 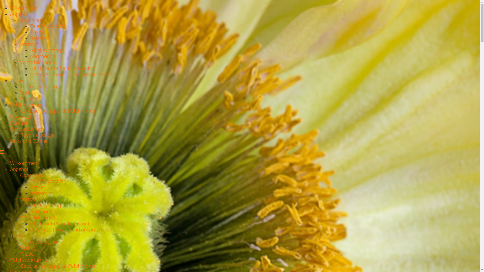 What do you see at coordinates (39, 193) in the screenshot?
I see `'Beispiele'` at bounding box center [39, 193].